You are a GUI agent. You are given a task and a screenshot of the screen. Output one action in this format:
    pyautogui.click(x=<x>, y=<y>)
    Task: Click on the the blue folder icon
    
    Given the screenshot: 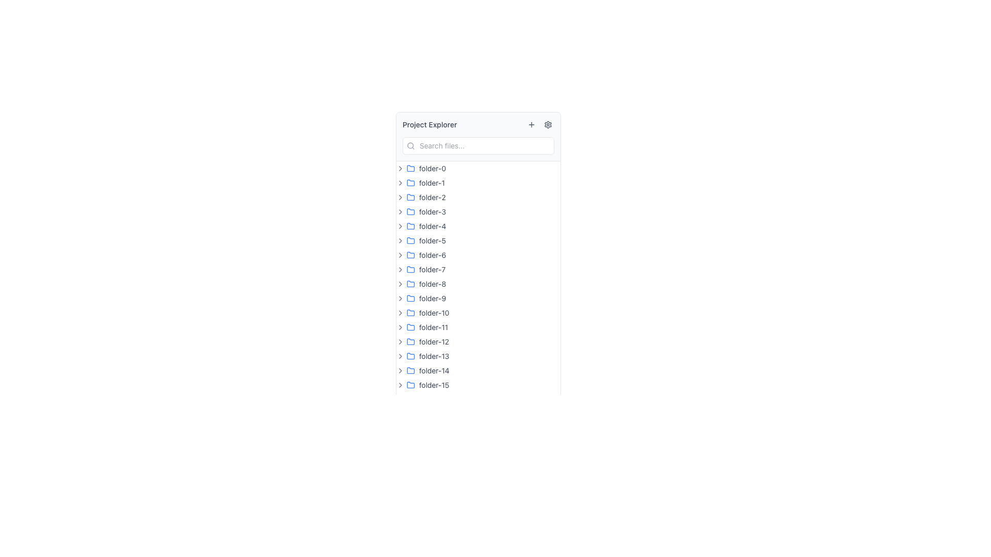 What is the action you would take?
    pyautogui.click(x=410, y=226)
    